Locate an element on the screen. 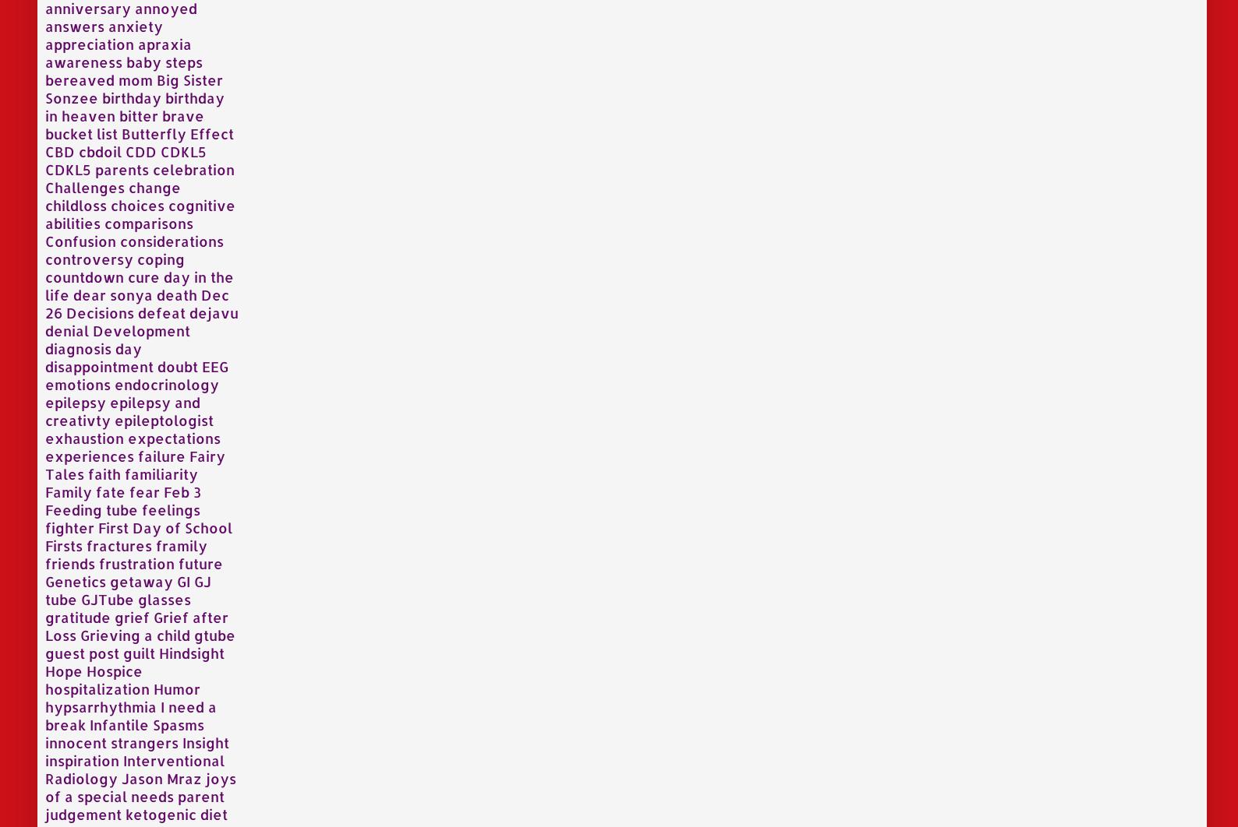 This screenshot has height=827, width=1238. 'GJTube' is located at coordinates (106, 598).